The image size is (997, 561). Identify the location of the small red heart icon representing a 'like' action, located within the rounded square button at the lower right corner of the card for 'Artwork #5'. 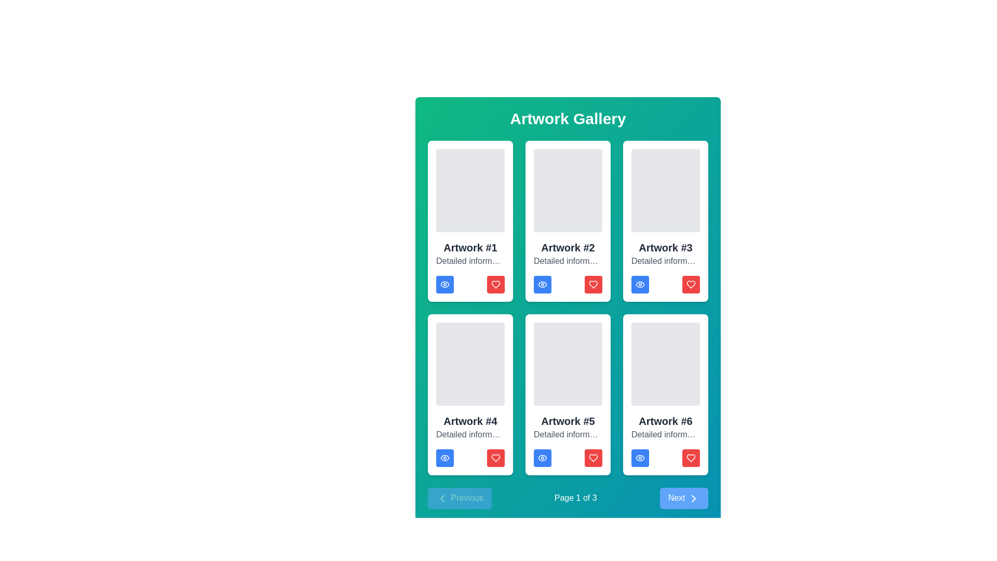
(495, 284).